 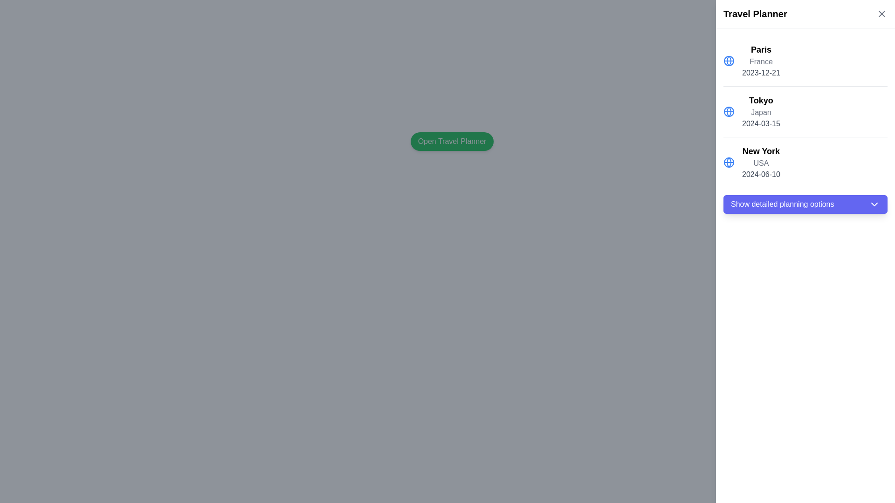 What do you see at coordinates (761, 61) in the screenshot?
I see `the Text block displaying information about a destination, located at the top of the vertical list under the title 'Travel Planner'` at bounding box center [761, 61].